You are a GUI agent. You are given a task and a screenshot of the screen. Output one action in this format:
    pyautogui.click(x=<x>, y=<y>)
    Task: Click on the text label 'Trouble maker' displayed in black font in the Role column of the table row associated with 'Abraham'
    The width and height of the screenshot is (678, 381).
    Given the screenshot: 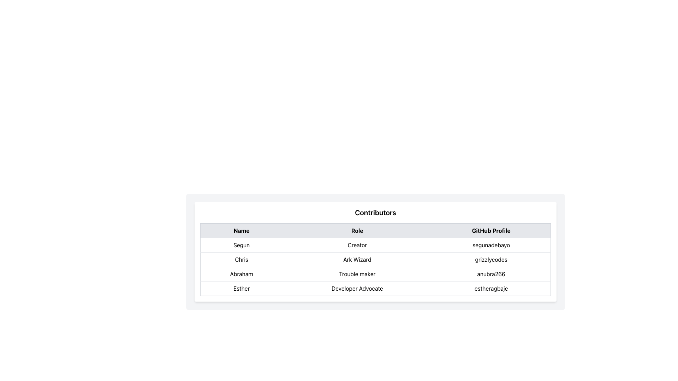 What is the action you would take?
    pyautogui.click(x=357, y=273)
    